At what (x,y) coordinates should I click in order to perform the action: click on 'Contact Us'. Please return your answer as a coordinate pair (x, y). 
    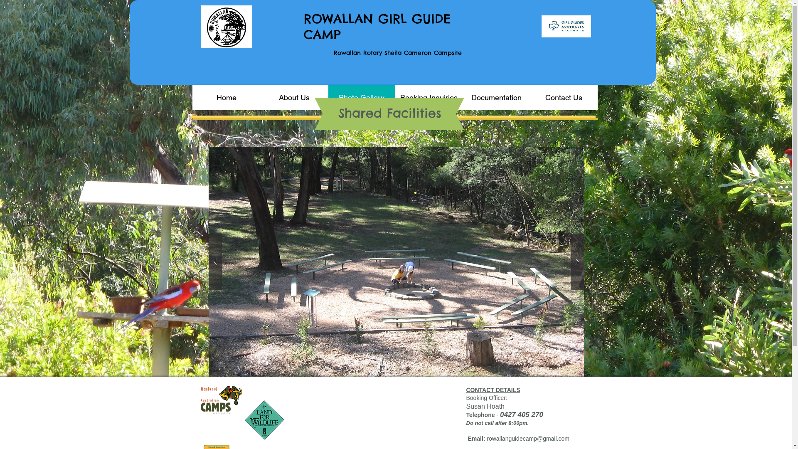
    Looking at the image, I should click on (563, 97).